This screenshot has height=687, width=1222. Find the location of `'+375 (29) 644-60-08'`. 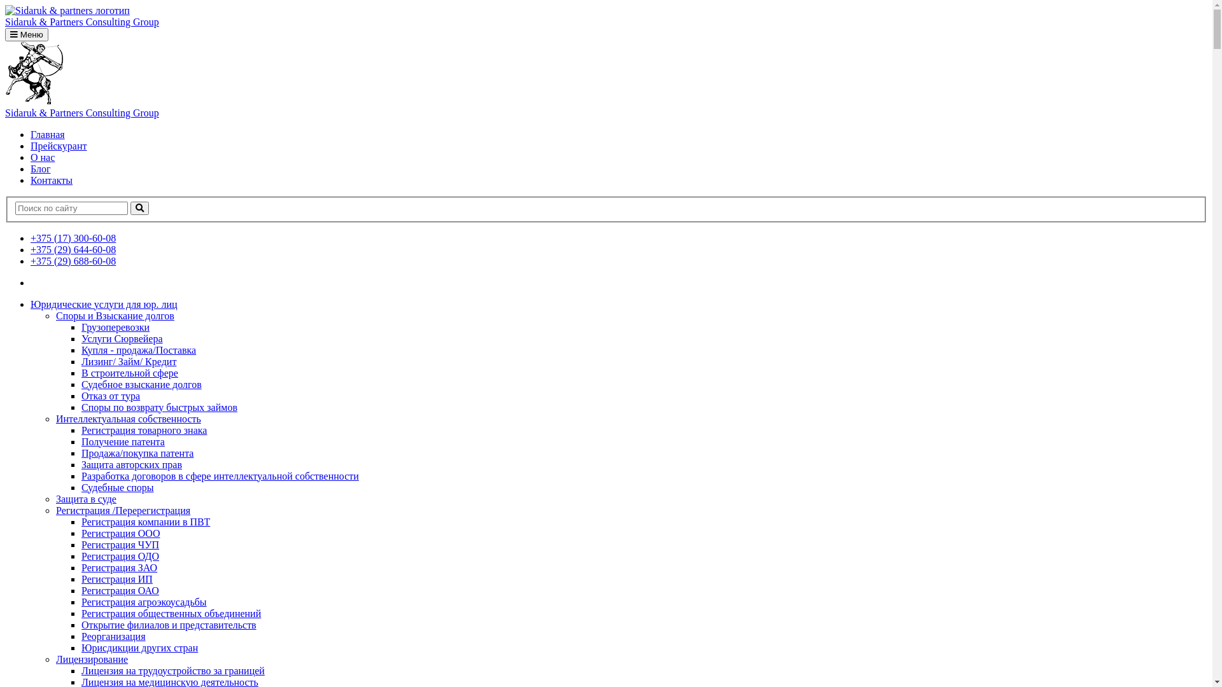

'+375 (29) 644-60-08' is located at coordinates (73, 249).